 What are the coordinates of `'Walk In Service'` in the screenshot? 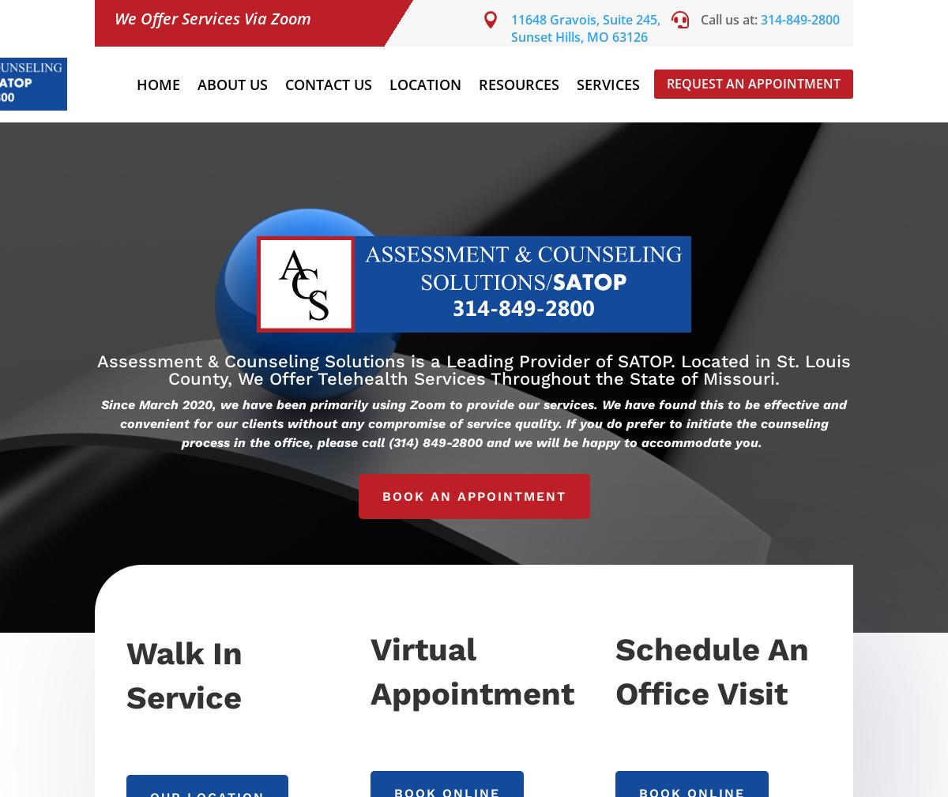 It's located at (125, 675).